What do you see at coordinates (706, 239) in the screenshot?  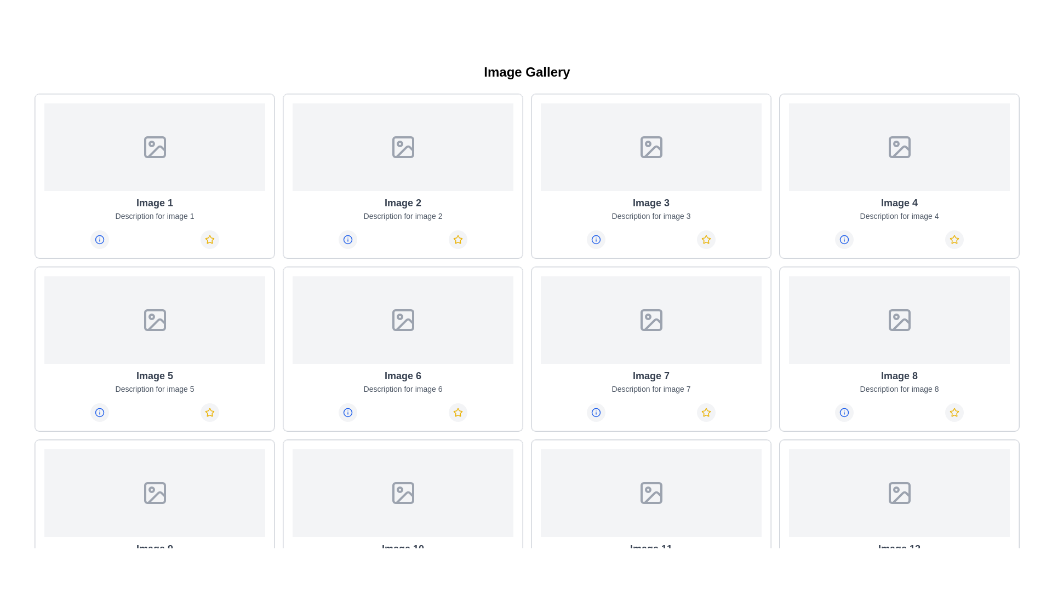 I see `the circular icon with a yellow star symbol, located below the card labeled 'Image 3' in the third column of the image gallery` at bounding box center [706, 239].